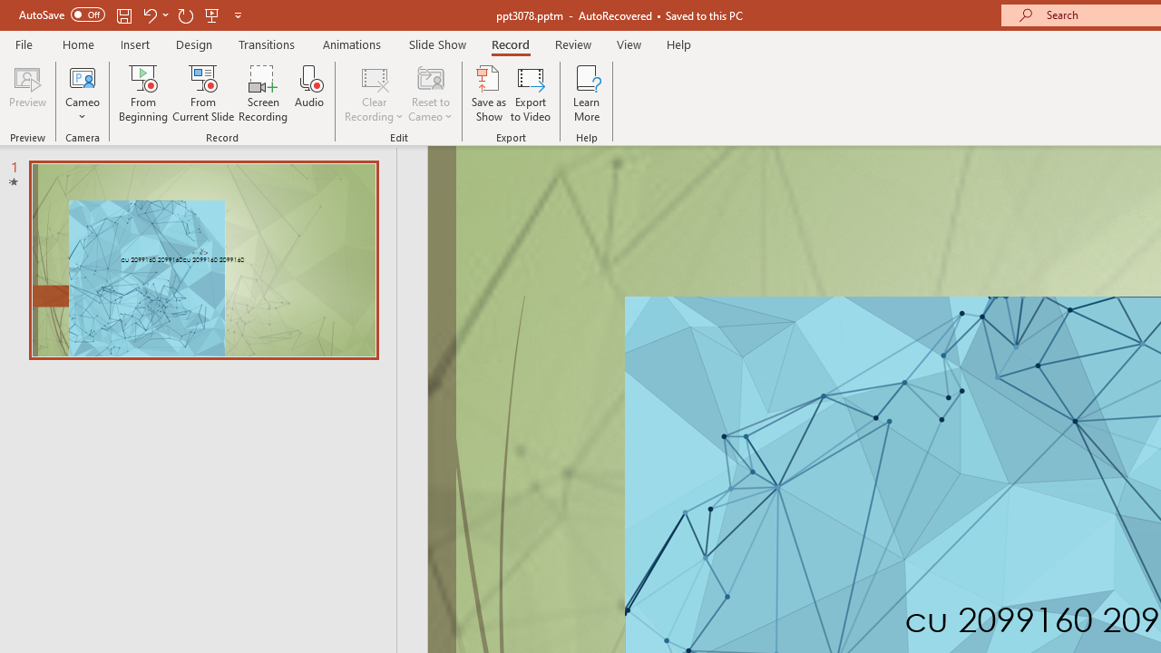 Image resolution: width=1161 pixels, height=653 pixels. Describe the element at coordinates (142, 93) in the screenshot. I see `'From Beginning...'` at that location.